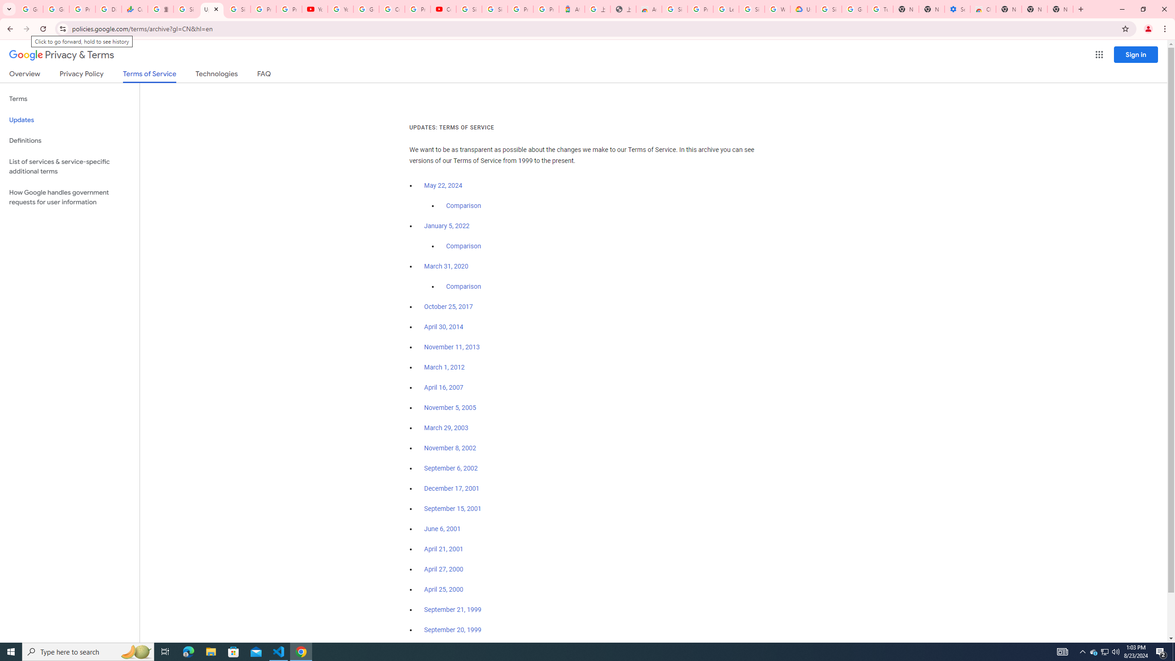 This screenshot has height=661, width=1175. I want to click on 'April 25, 2000', so click(443, 588).